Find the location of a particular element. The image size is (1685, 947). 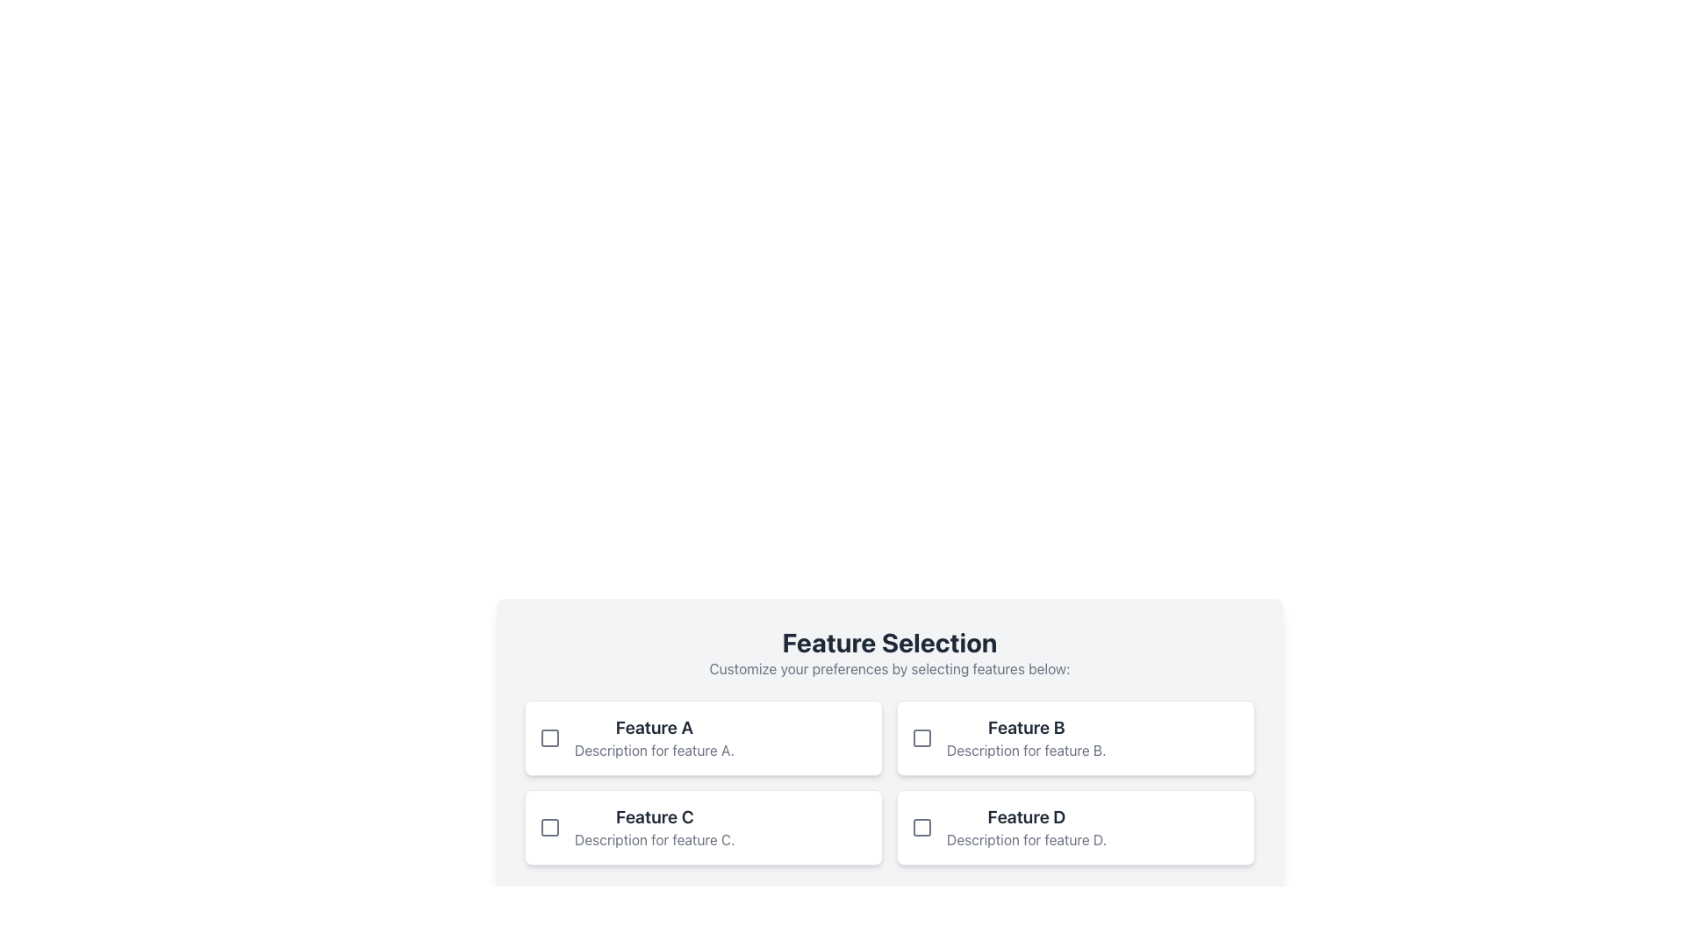

the checkbox labeled 'Feature A' is located at coordinates (703, 737).